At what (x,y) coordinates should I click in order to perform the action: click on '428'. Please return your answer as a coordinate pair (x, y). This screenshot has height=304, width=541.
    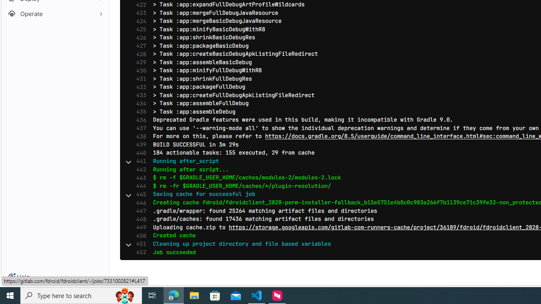
    Looking at the image, I should click on (139, 54).